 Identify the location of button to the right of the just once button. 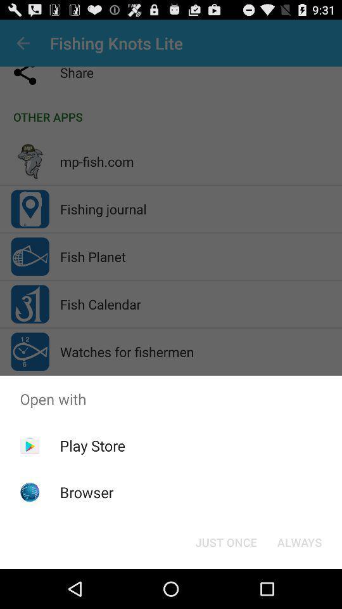
(299, 541).